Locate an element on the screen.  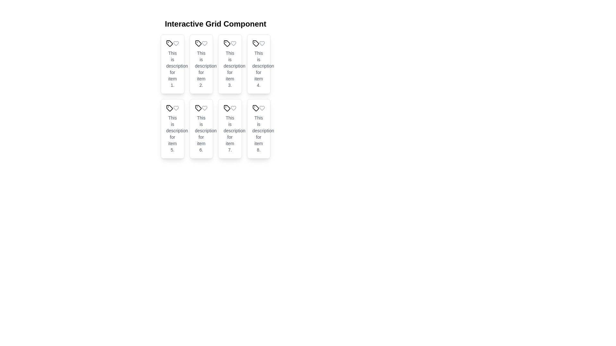
the description of the Card, which is the third tile in a grid layout displaying item details and icons is located at coordinates (230, 64).